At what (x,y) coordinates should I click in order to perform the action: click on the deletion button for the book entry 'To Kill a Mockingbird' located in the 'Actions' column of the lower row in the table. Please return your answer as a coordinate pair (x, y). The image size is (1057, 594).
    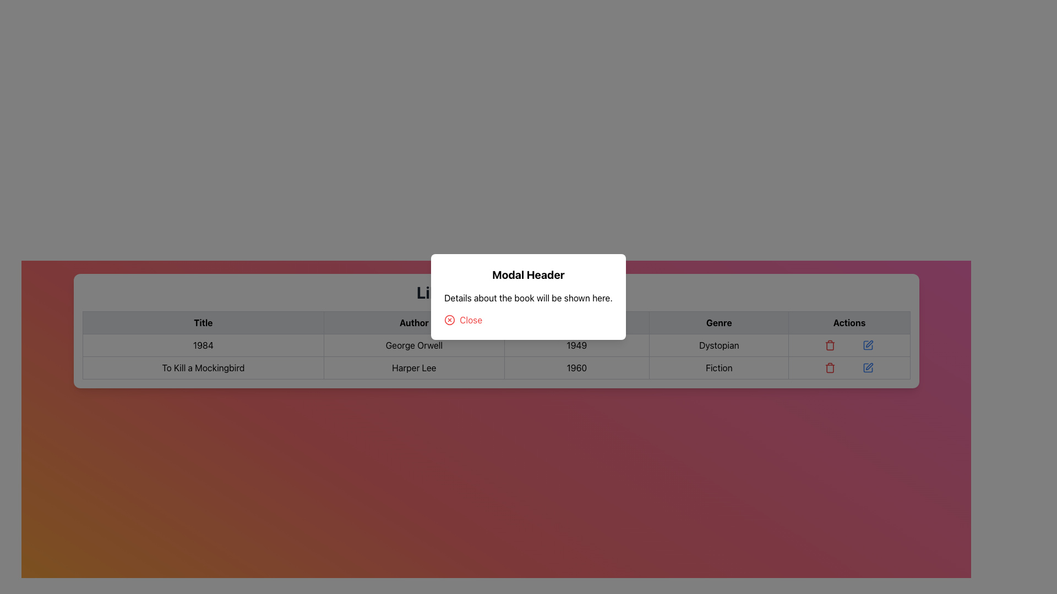
    Looking at the image, I should click on (830, 367).